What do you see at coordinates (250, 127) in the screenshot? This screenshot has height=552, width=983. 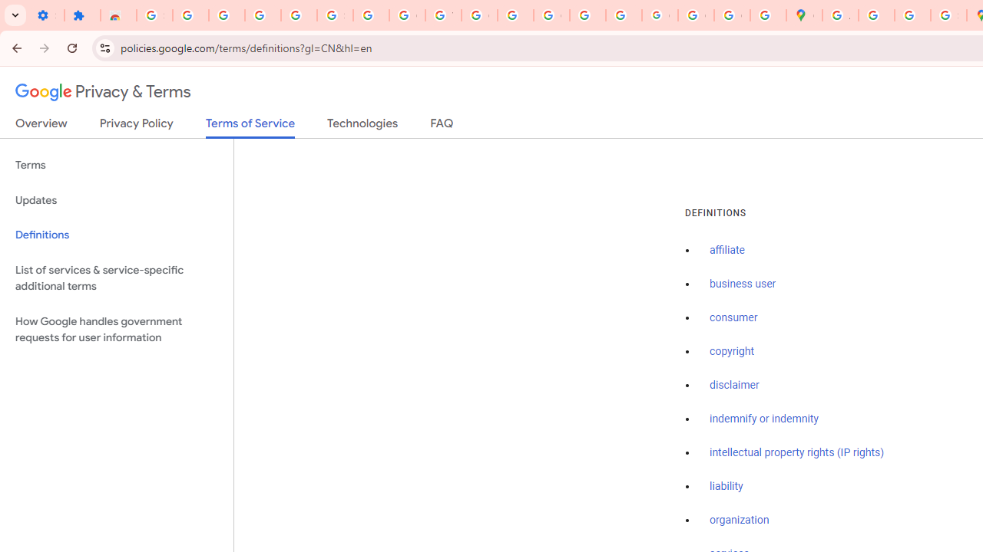 I see `'Terms of Service'` at bounding box center [250, 127].